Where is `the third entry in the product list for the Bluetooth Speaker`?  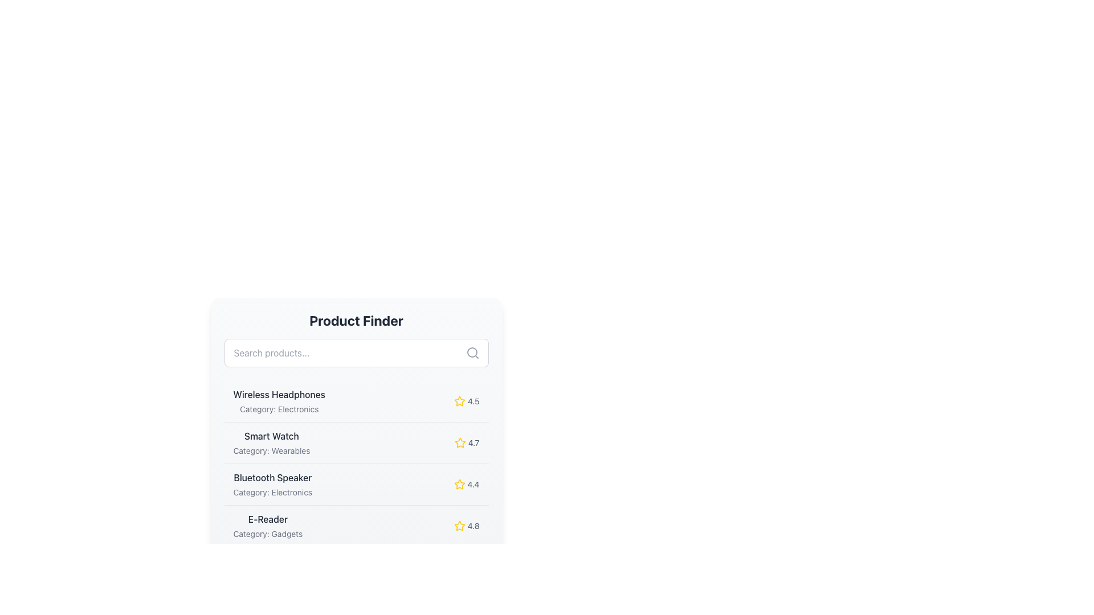
the third entry in the product list for the Bluetooth Speaker is located at coordinates (356, 484).